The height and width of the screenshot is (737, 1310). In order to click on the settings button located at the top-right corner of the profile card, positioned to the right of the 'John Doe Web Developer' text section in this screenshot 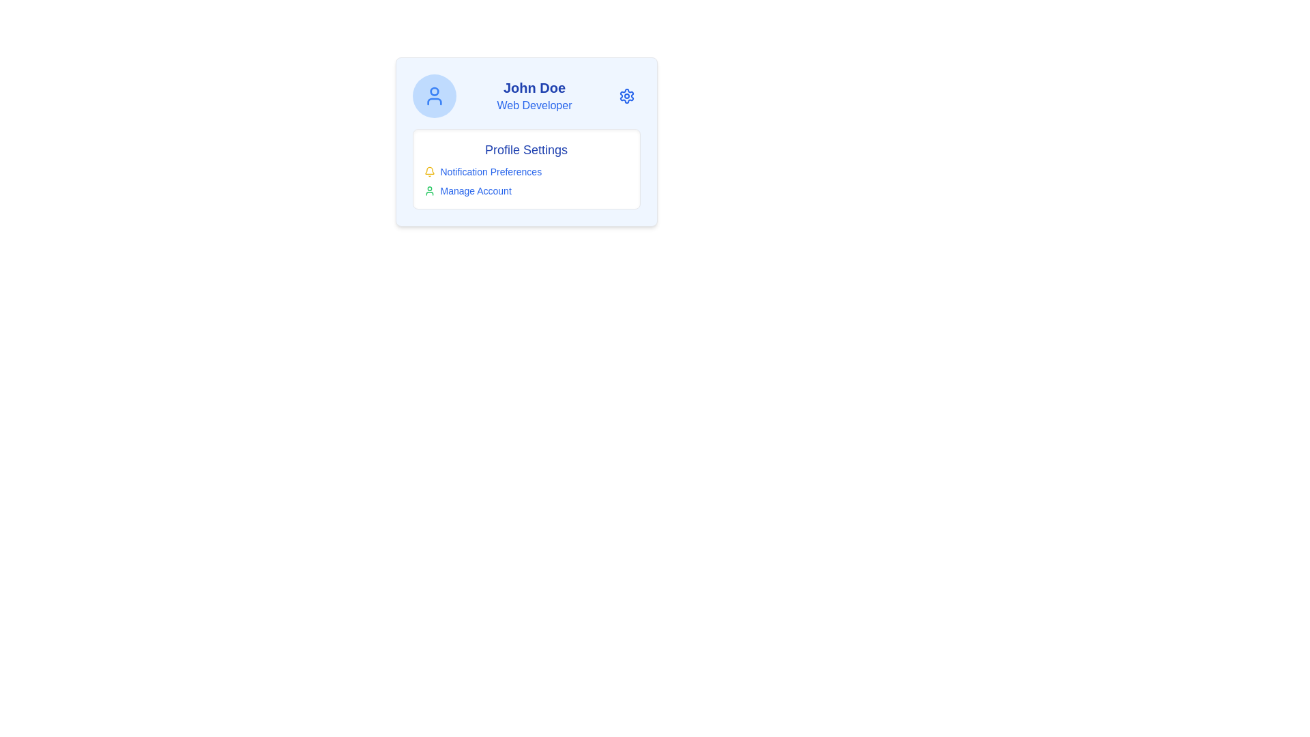, I will do `click(626, 96)`.